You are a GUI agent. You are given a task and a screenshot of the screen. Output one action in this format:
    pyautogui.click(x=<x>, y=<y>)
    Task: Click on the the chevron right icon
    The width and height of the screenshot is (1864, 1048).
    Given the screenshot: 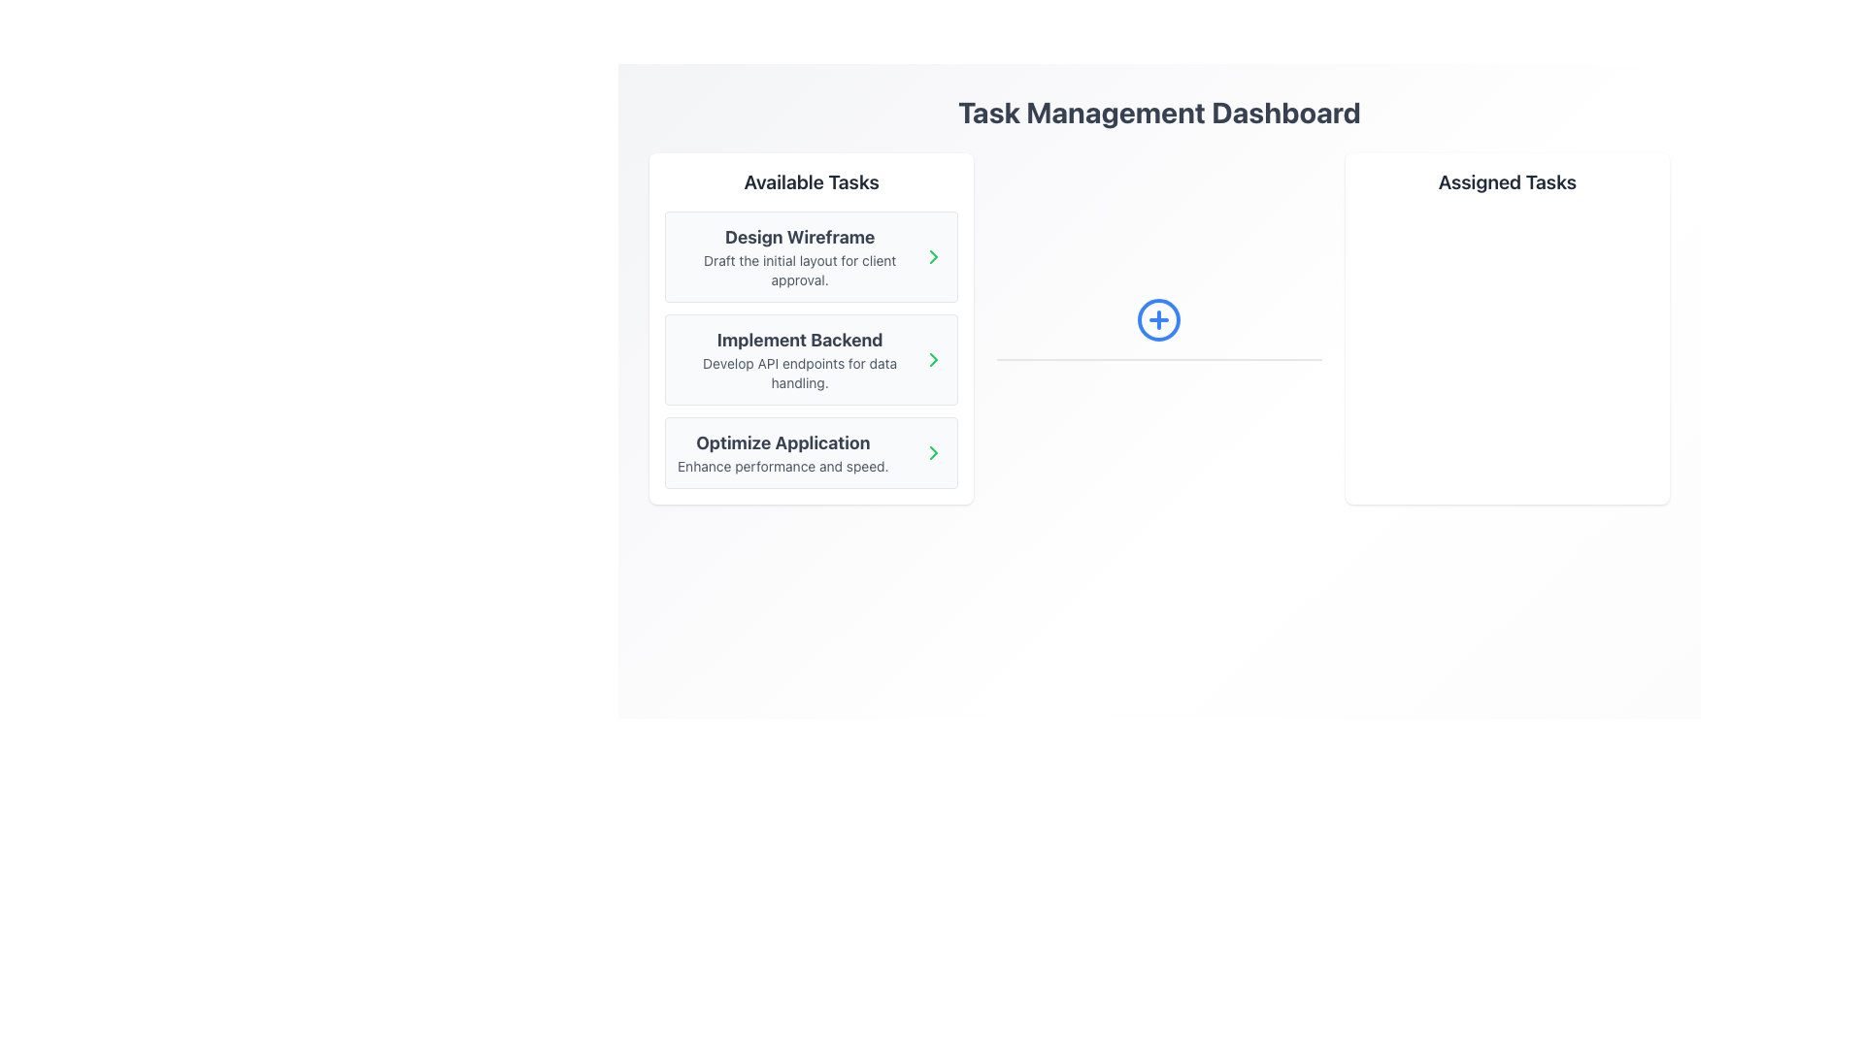 What is the action you would take?
    pyautogui.click(x=934, y=359)
    